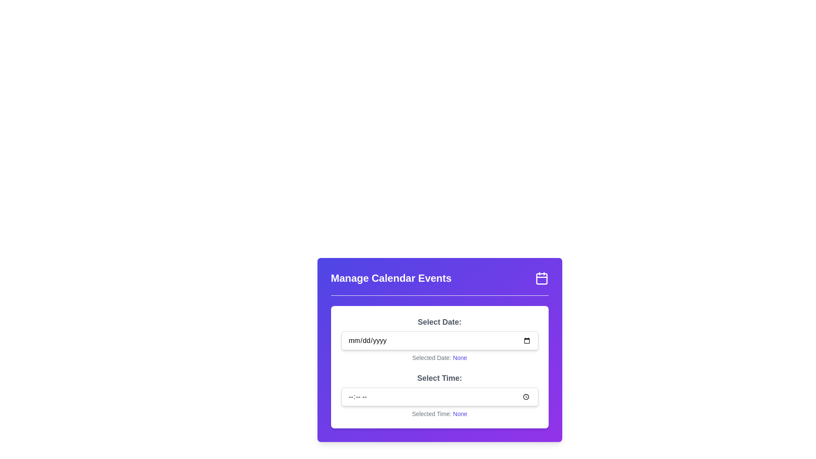  I want to click on the calendar icon located in the upper-right corner of the 'Manage Calendar Events' section, so click(541, 278).